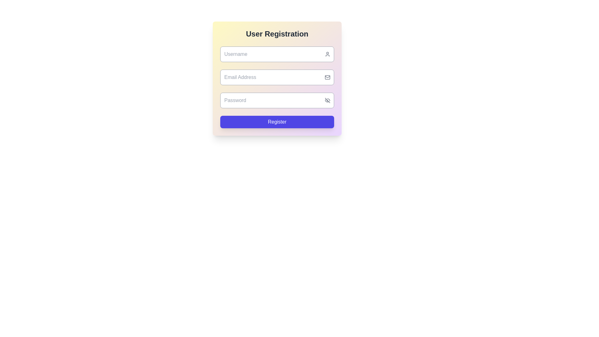 Image resolution: width=599 pixels, height=337 pixels. Describe the element at coordinates (327, 100) in the screenshot. I see `the eye-shaped icon with a slash across it on the far right of the password input field` at that location.